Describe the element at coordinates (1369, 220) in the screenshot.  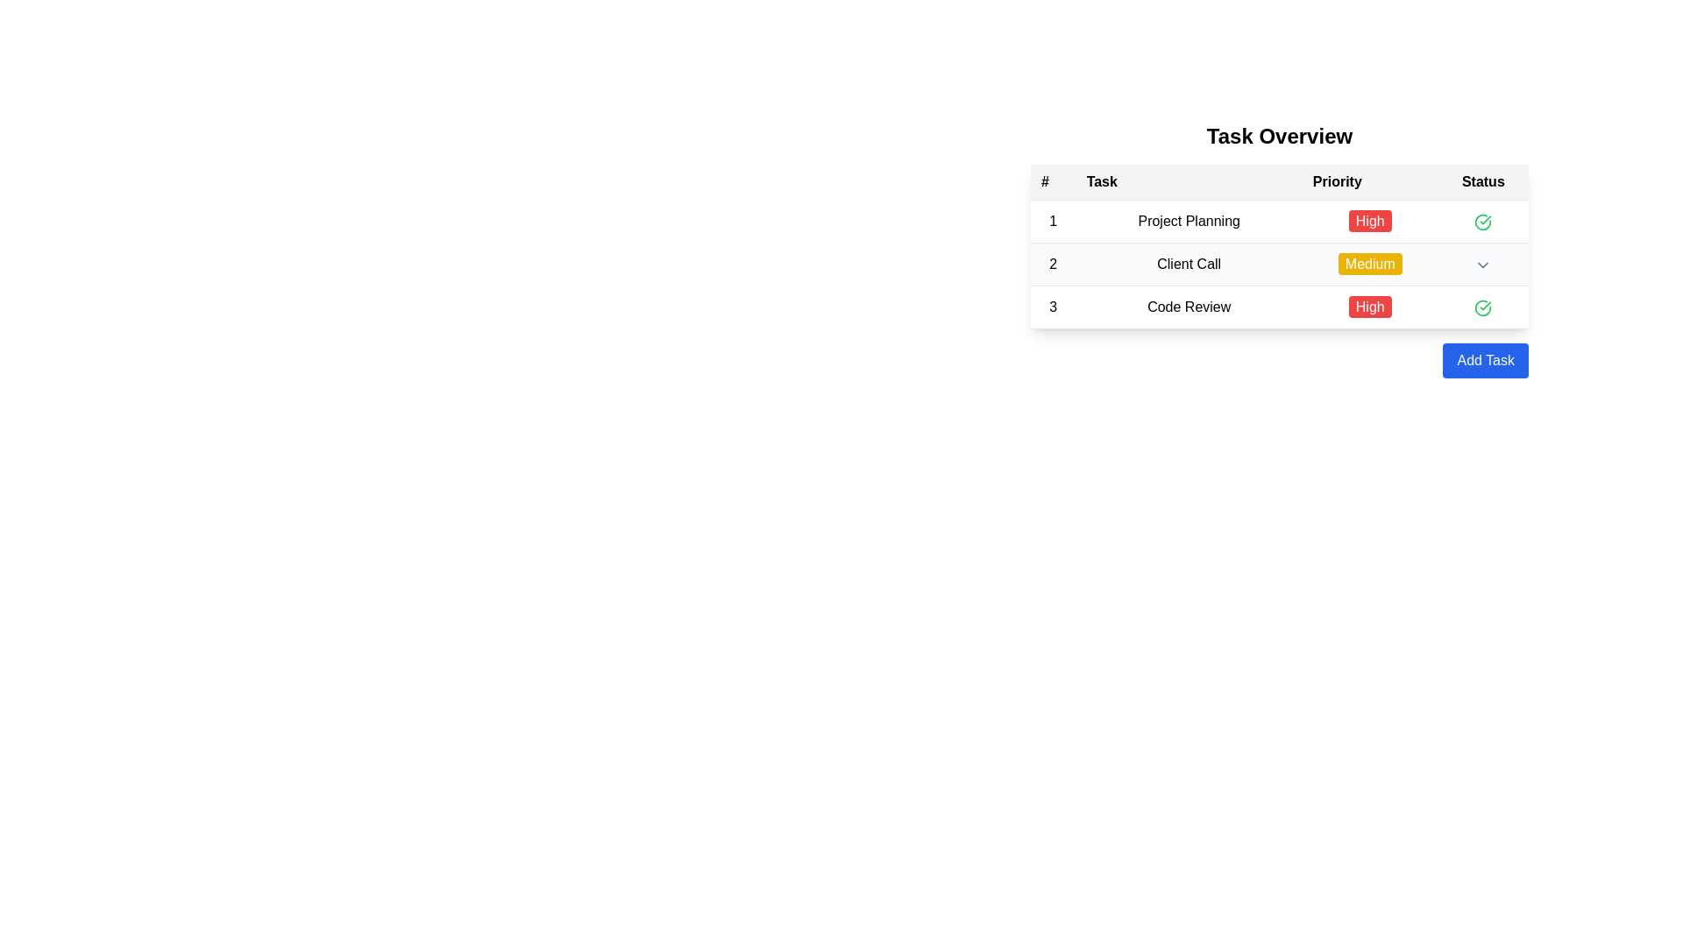
I see `the pill-shaped label with the text 'High' in the 'Priority' column of the first row in the 'Task Overview' table` at that location.